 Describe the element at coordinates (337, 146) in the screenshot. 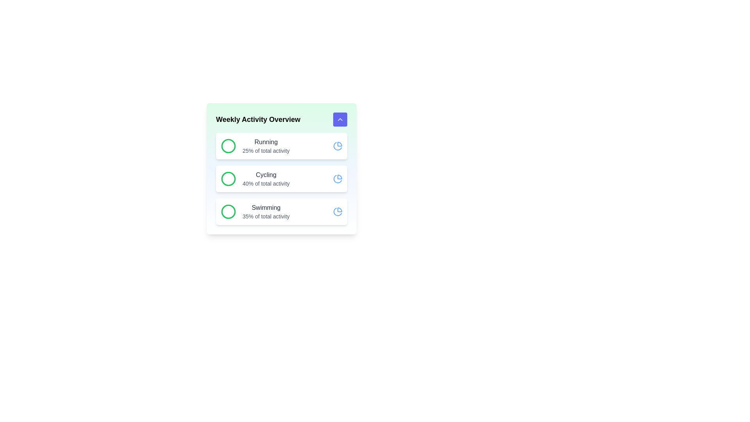

I see `the vibrant blue pie chart icon located in the top row of the activity list, positioned to the far right next to the text 'Running' and its percentage '25% of total activity.'` at that location.